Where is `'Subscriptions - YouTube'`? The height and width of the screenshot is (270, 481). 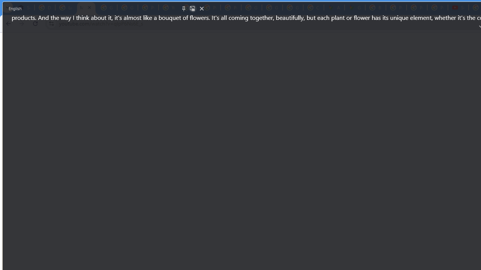
'Subscriptions - YouTube' is located at coordinates (458, 7).